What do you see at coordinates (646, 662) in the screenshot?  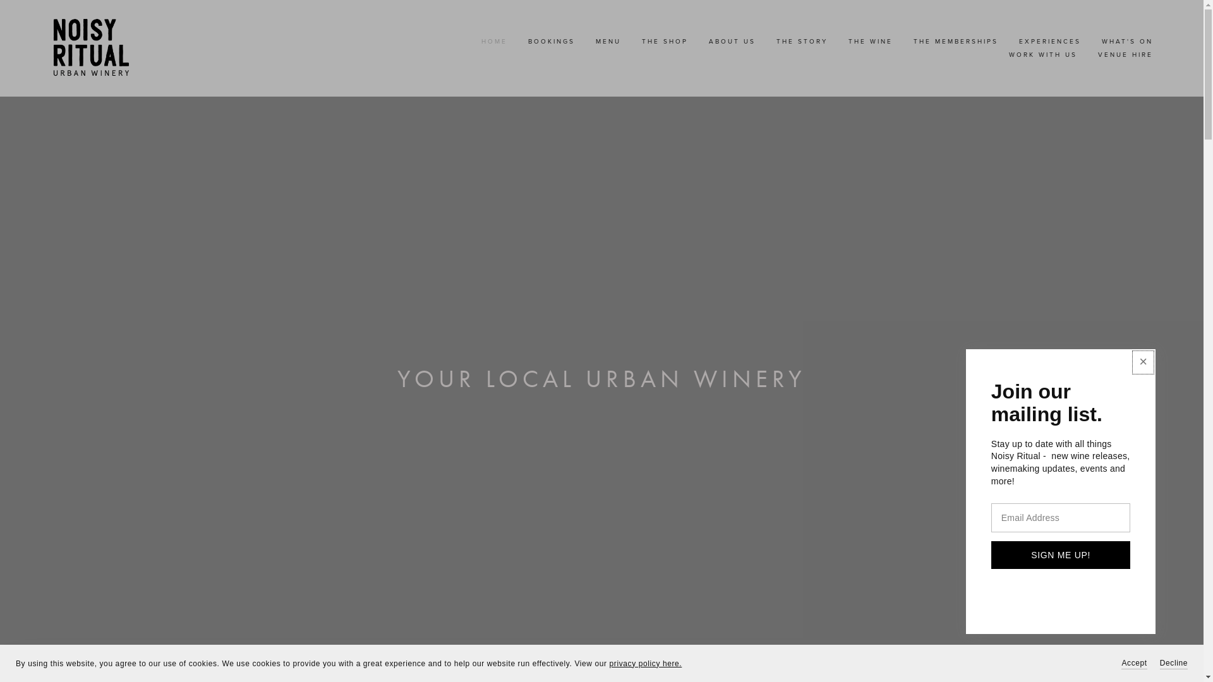 I see `'privacy policy here.'` at bounding box center [646, 662].